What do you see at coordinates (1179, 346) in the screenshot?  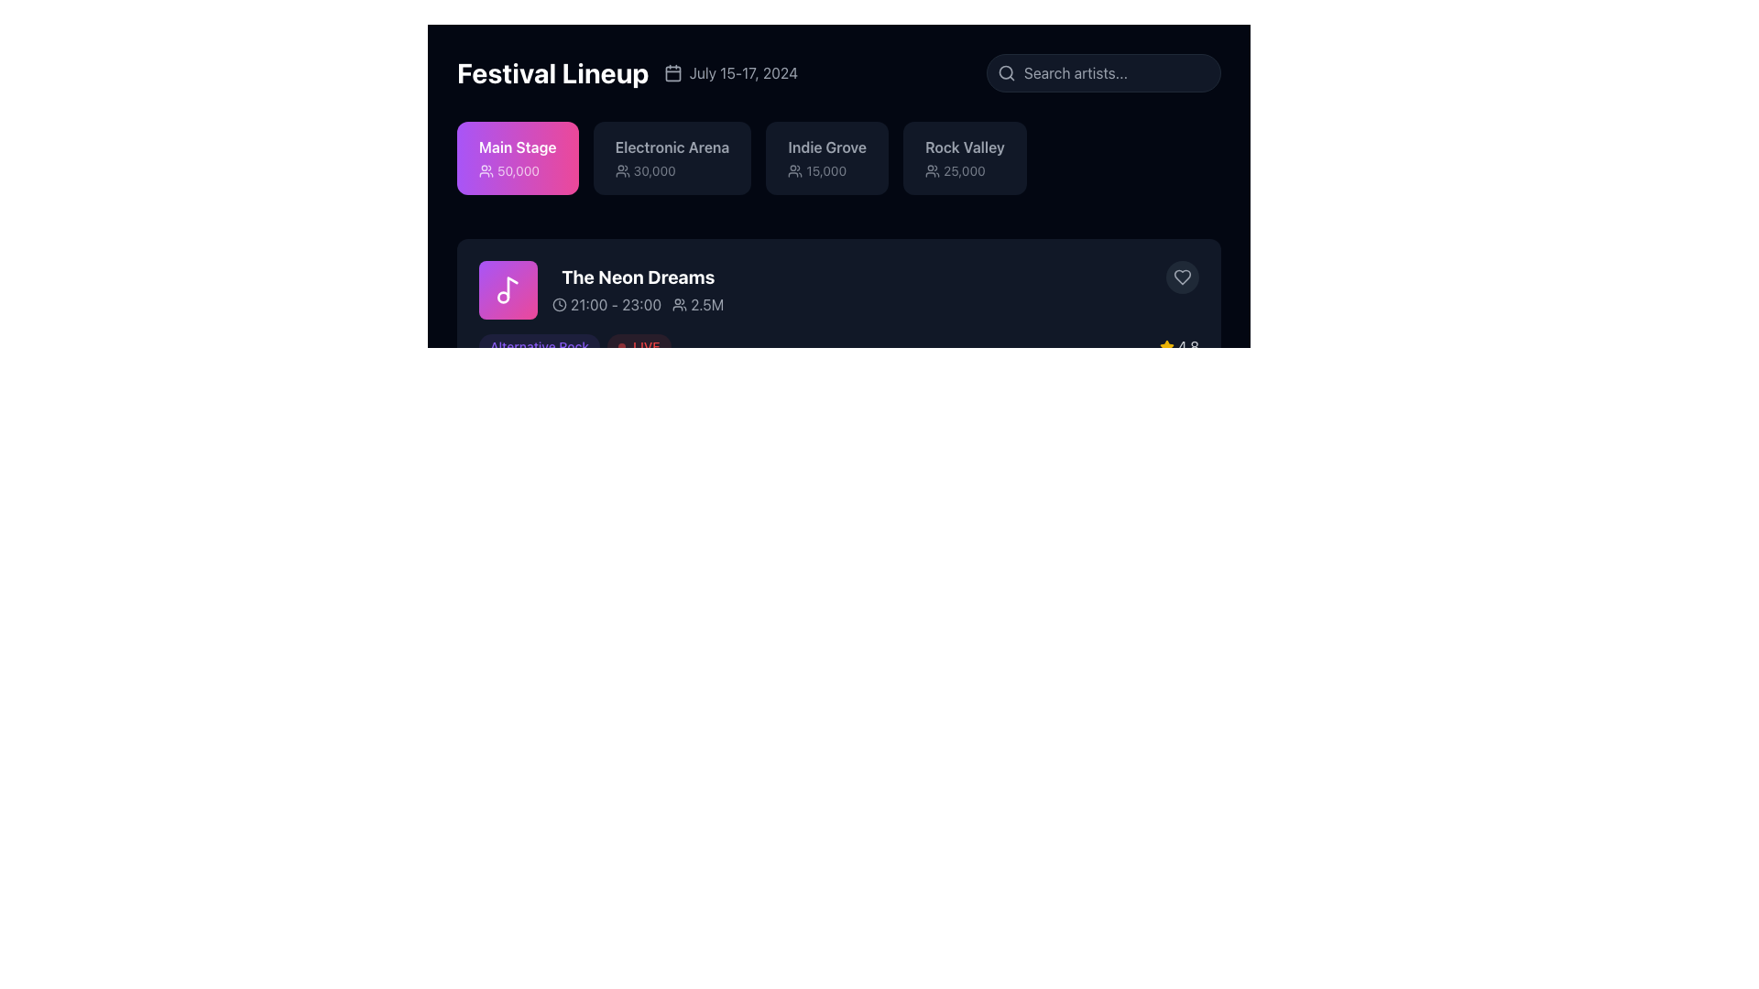 I see `the Rating indicator located in the bottom right portion of the performance information area, which provides a visual representation of the rating` at bounding box center [1179, 346].